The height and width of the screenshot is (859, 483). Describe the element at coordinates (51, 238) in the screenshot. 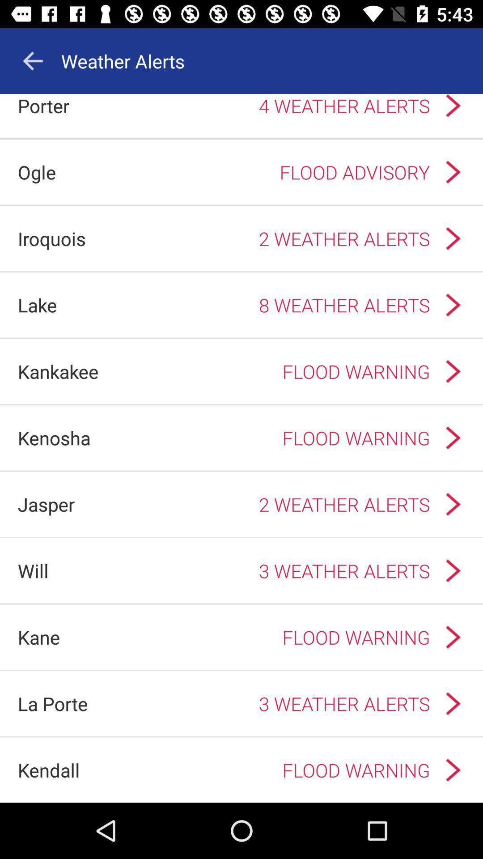

I see `the app below the ogle item` at that location.